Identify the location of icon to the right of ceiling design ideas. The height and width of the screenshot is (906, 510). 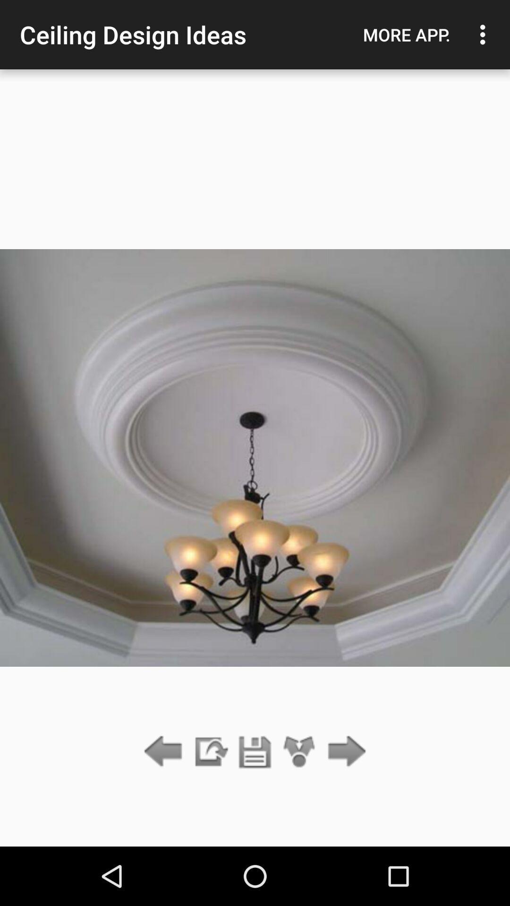
(406, 34).